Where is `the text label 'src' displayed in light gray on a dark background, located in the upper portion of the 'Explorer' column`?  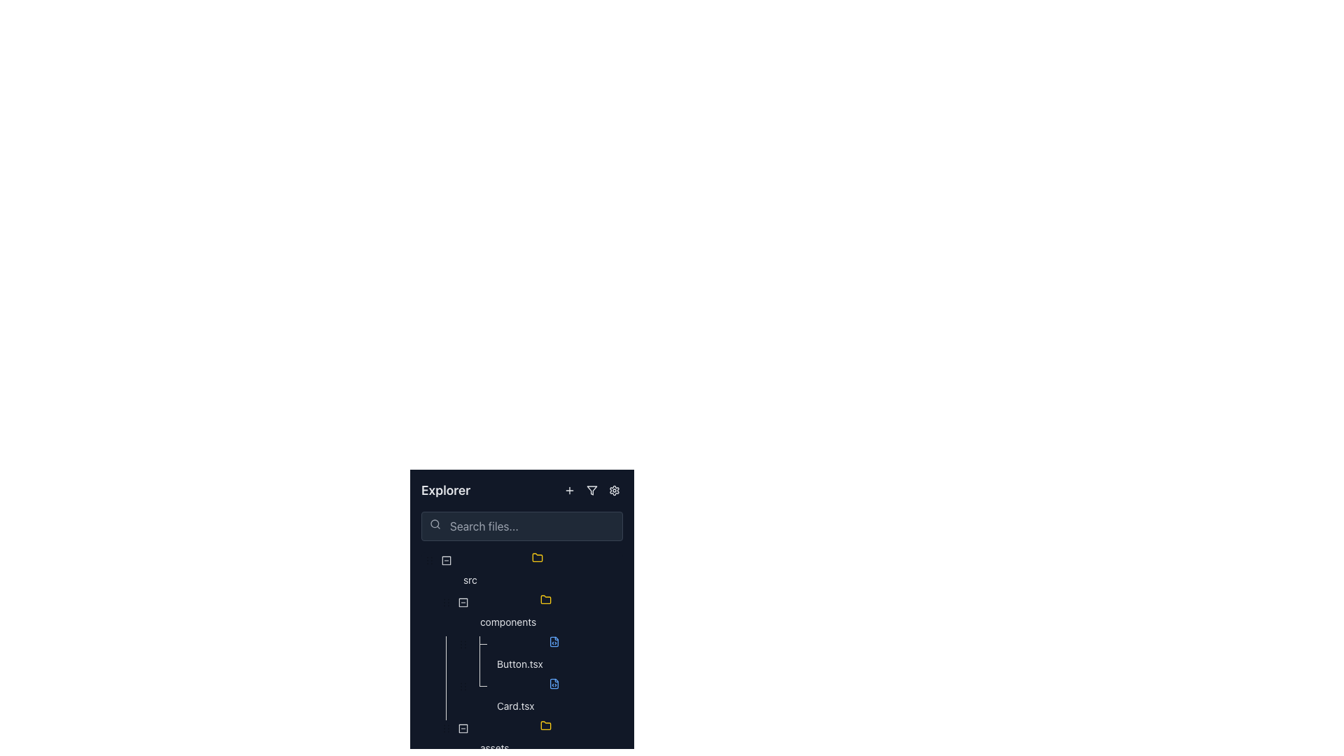 the text label 'src' displayed in light gray on a dark background, located in the upper portion of the 'Explorer' column is located at coordinates (470, 580).